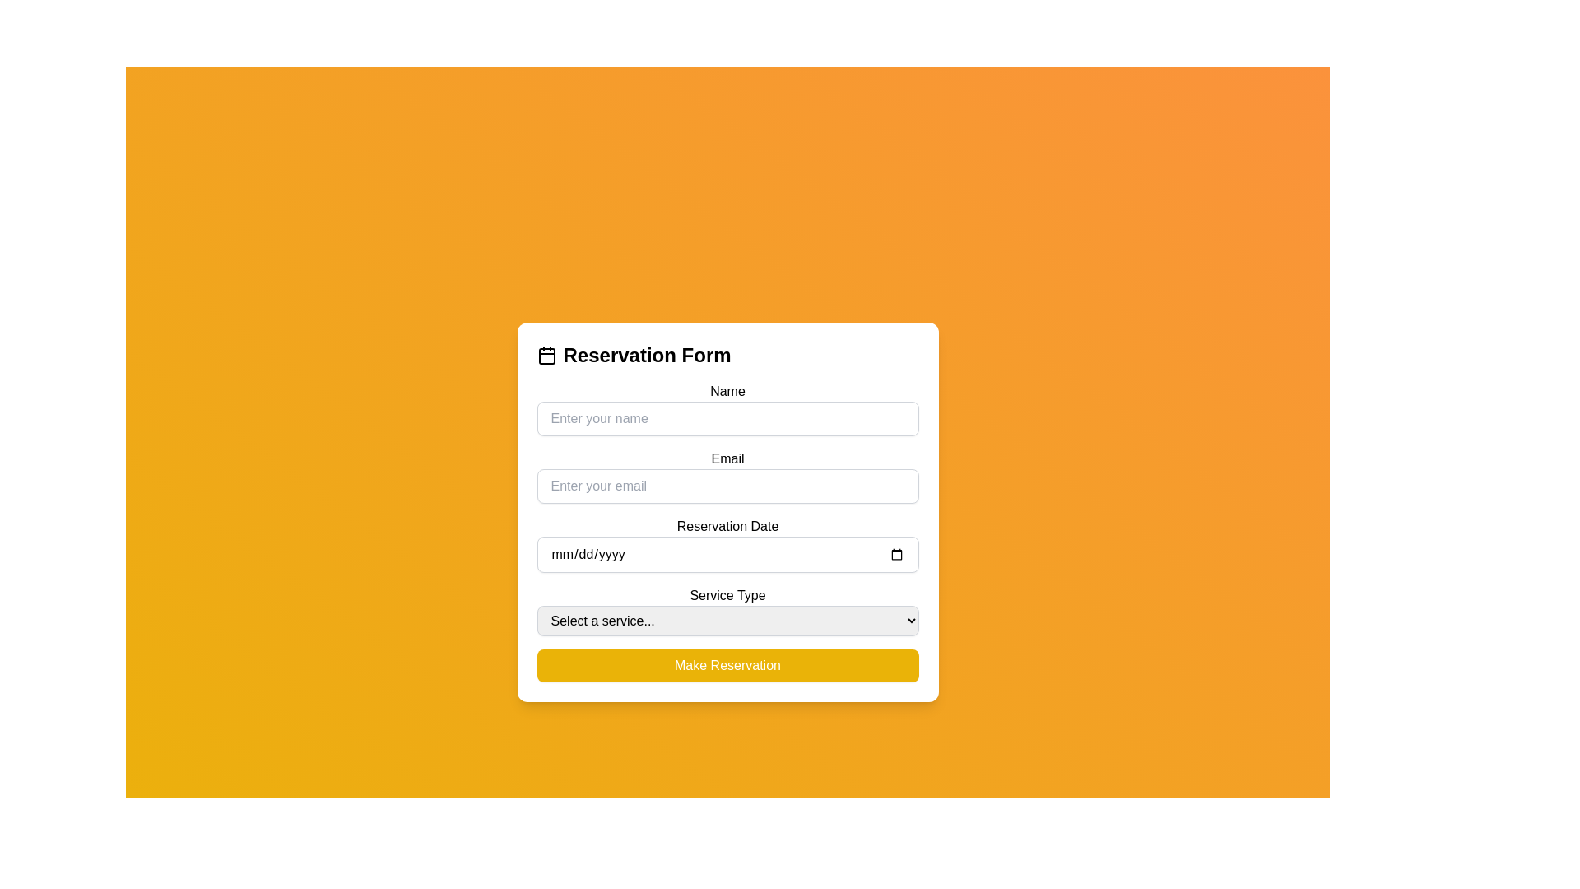  Describe the element at coordinates (727, 391) in the screenshot. I see `the 'Name' label, which is styled with a bold font and serves as a header for the input field directly below it` at that location.